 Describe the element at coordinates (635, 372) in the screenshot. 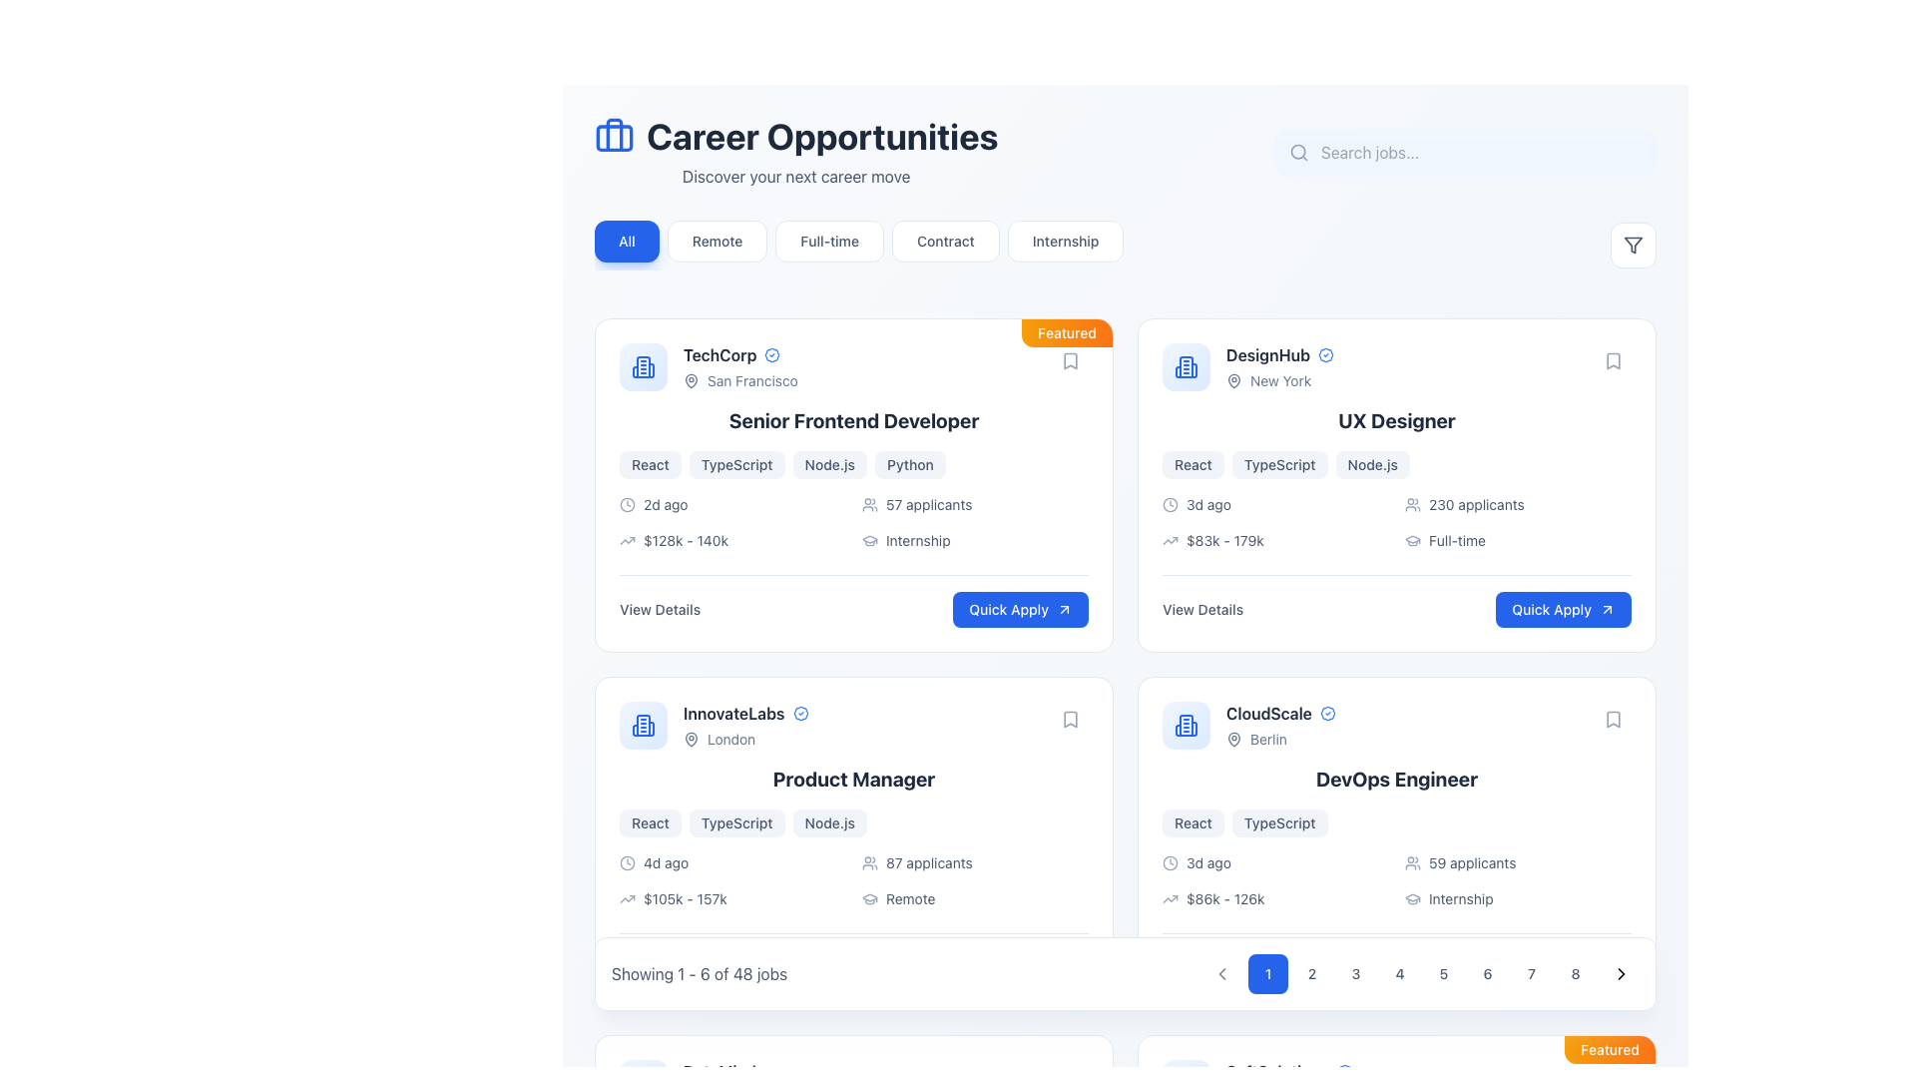

I see `the second subcomponent of the building icon within the 'TechCorp, San Francisco, Senior Frontend Developer' card, which visually represents a building's side` at that location.